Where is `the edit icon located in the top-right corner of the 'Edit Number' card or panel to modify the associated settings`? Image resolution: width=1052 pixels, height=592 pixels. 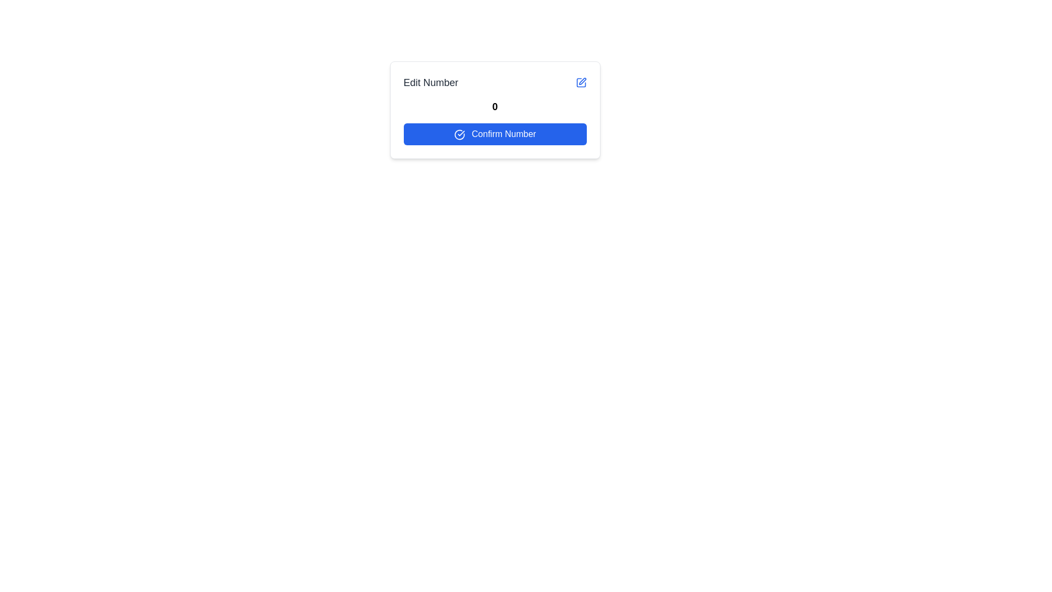
the edit icon located in the top-right corner of the 'Edit Number' card or panel to modify the associated settings is located at coordinates (581, 81).